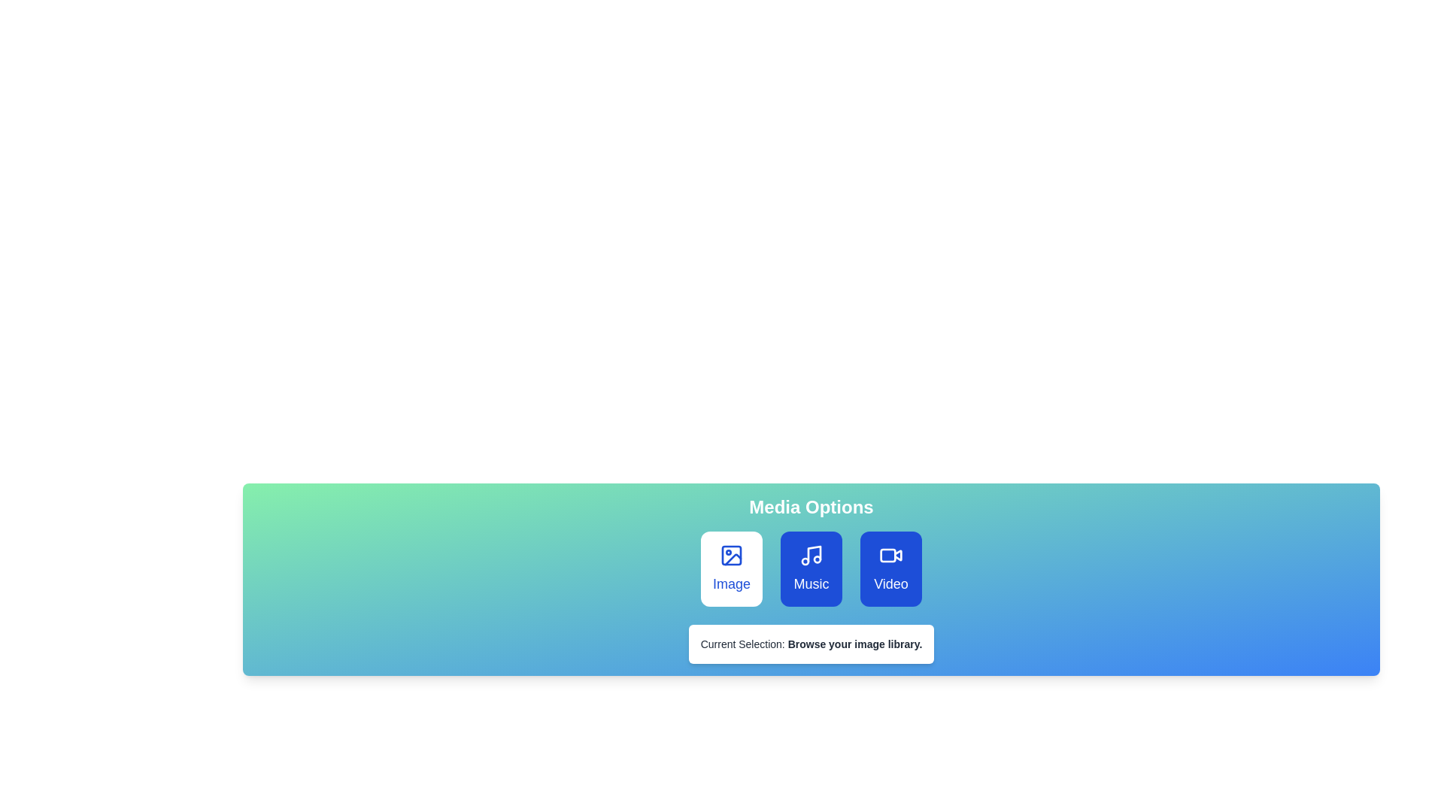 The image size is (1444, 812). What do you see at coordinates (855, 643) in the screenshot?
I see `the text label that reads 'Browse your image library.' which is bold and located beneath the selectable media options in the interface` at bounding box center [855, 643].